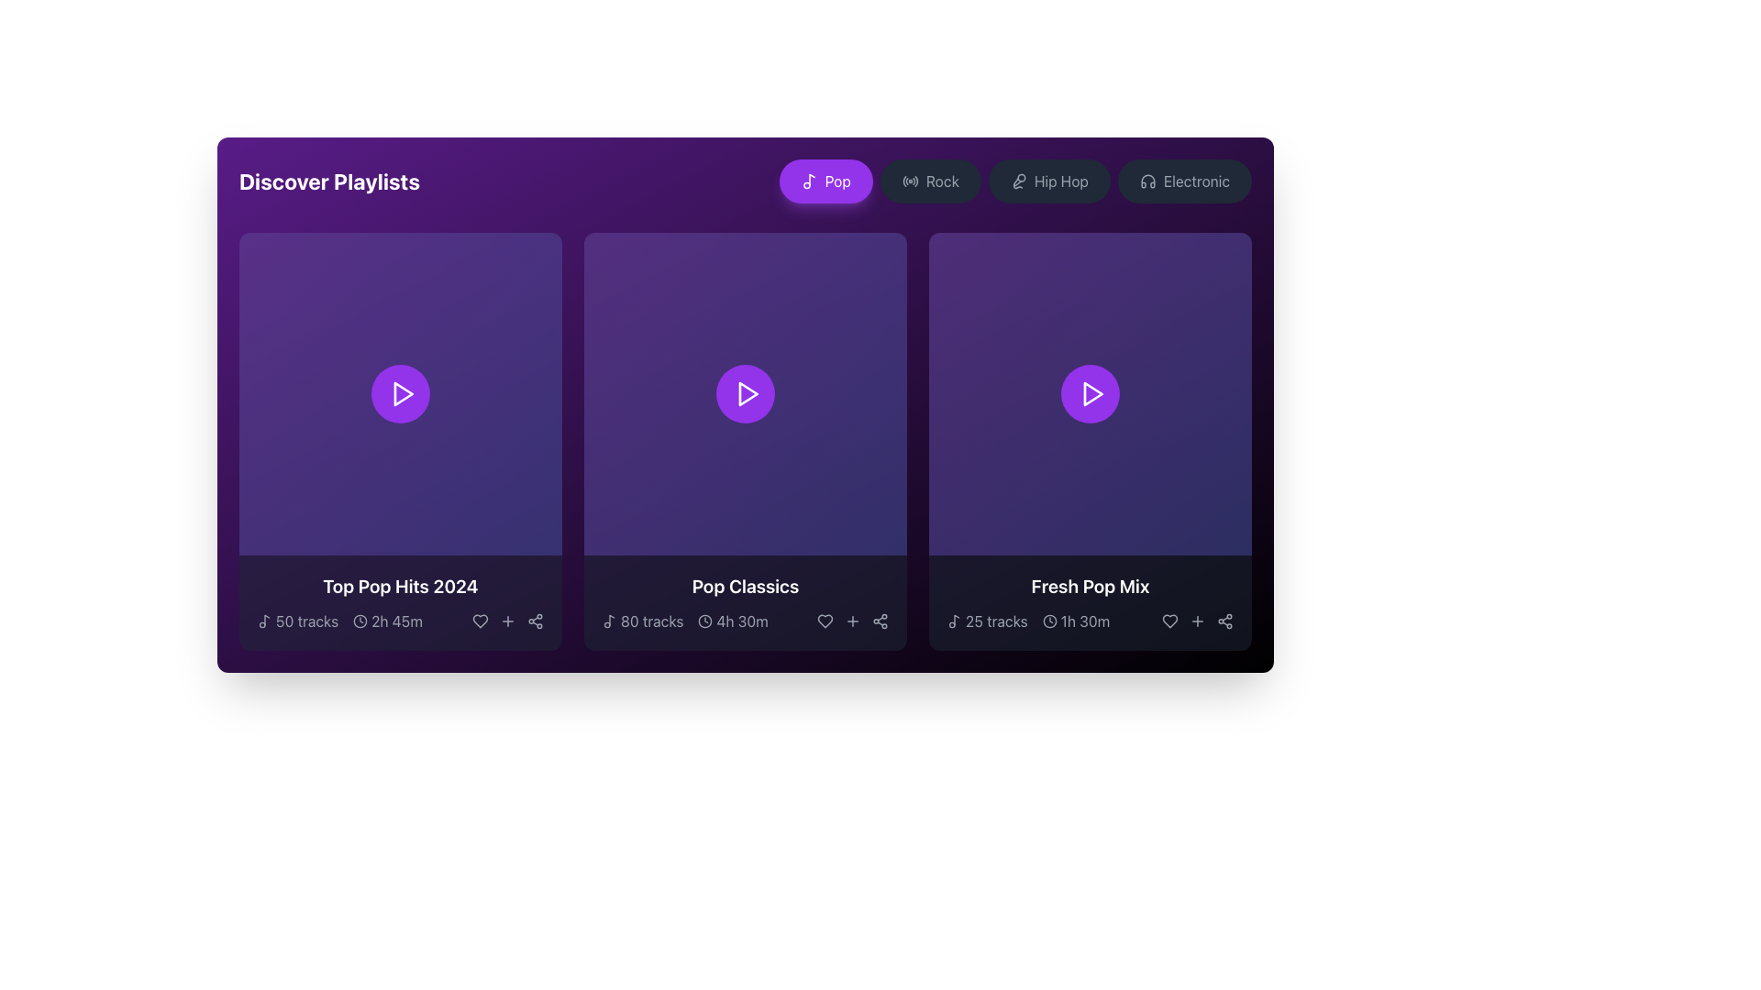 The height and width of the screenshot is (990, 1761). I want to click on the play button located centrally within the 'Pop Classics' playlist card to initiate playback of the playlist, so click(748, 392).